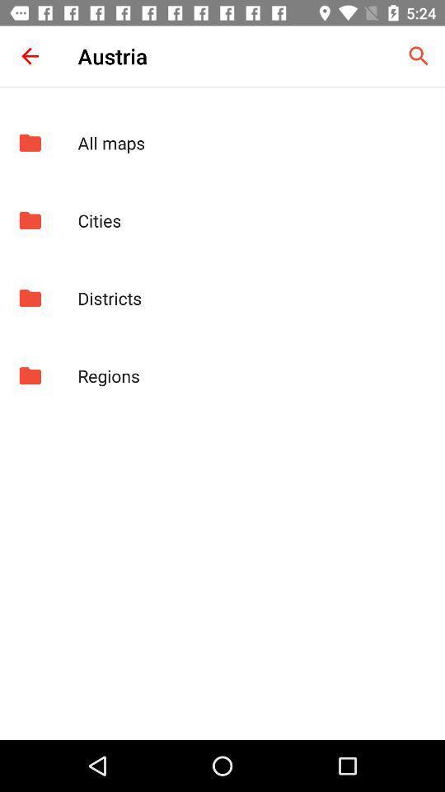 The width and height of the screenshot is (445, 792). Describe the element at coordinates (252, 297) in the screenshot. I see `the districts` at that location.